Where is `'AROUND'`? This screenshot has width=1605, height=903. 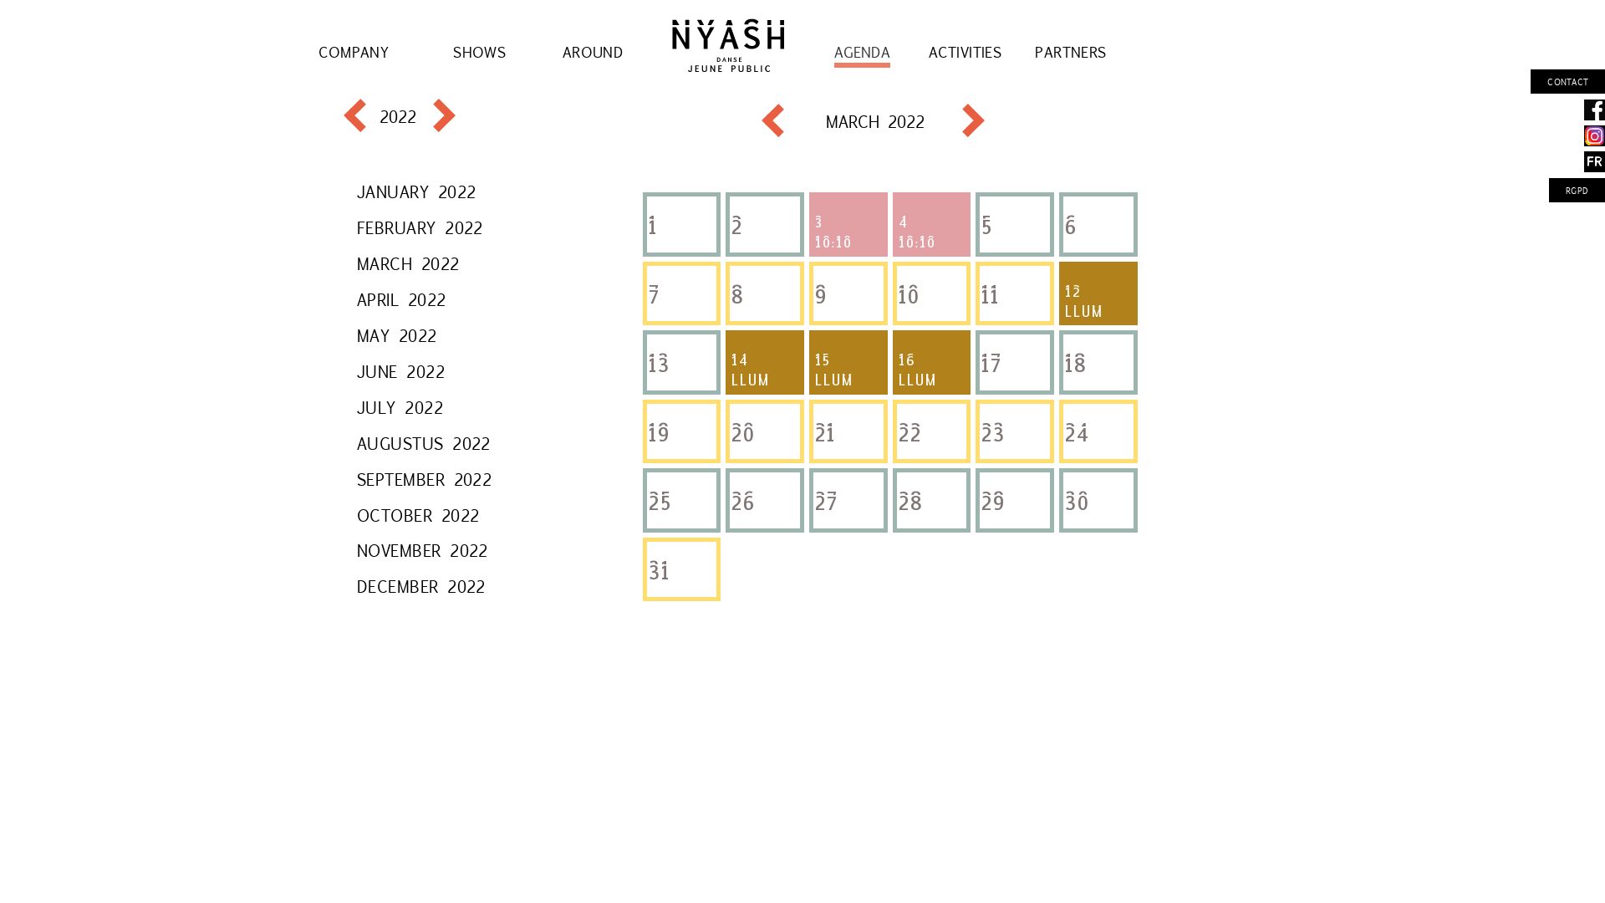
'AROUND' is located at coordinates (545, 50).